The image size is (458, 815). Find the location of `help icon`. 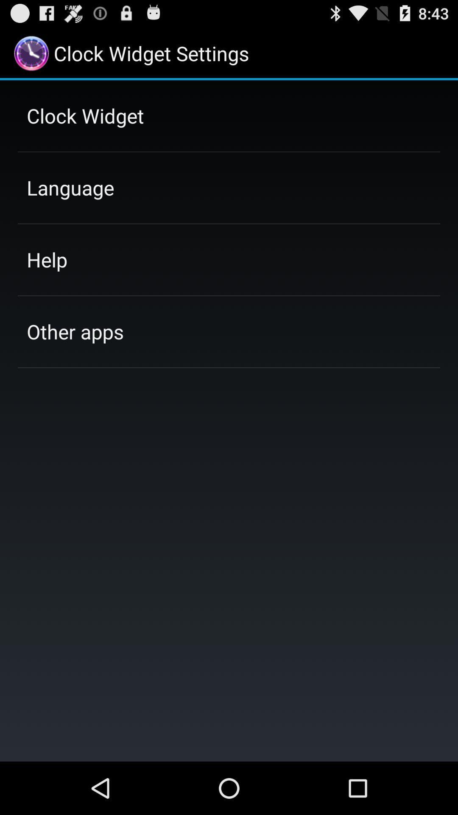

help icon is located at coordinates (47, 259).